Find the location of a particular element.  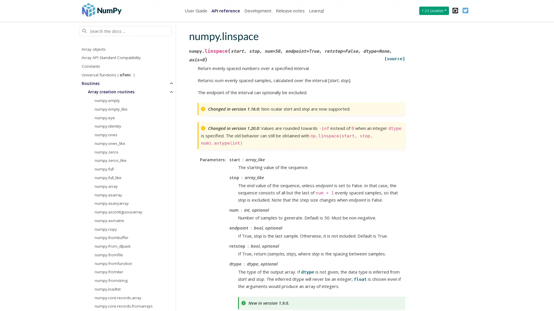

1.23 (stable) is located at coordinates (434, 11).